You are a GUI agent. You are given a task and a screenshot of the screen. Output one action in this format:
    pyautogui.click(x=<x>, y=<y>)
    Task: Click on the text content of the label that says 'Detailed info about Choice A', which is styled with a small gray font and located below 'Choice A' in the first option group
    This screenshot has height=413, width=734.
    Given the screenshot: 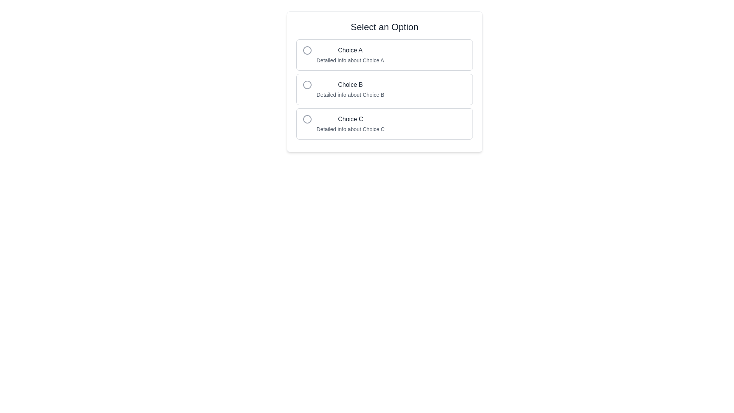 What is the action you would take?
    pyautogui.click(x=350, y=60)
    